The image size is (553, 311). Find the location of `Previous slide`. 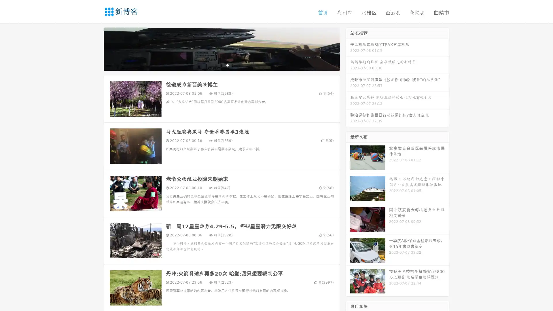

Previous slide is located at coordinates (95, 48).